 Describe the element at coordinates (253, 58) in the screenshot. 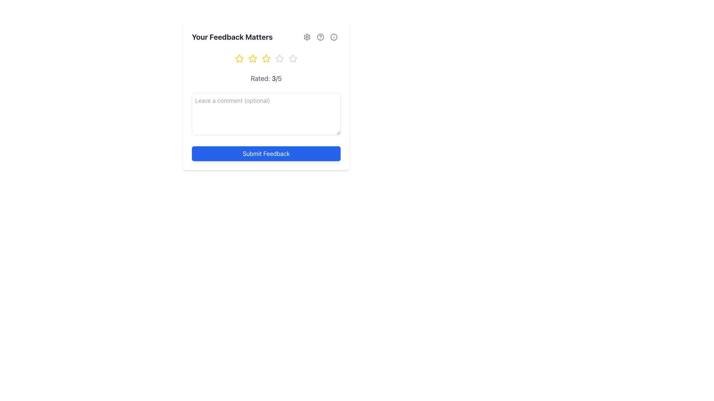

I see `the second star icon in the rating system` at that location.